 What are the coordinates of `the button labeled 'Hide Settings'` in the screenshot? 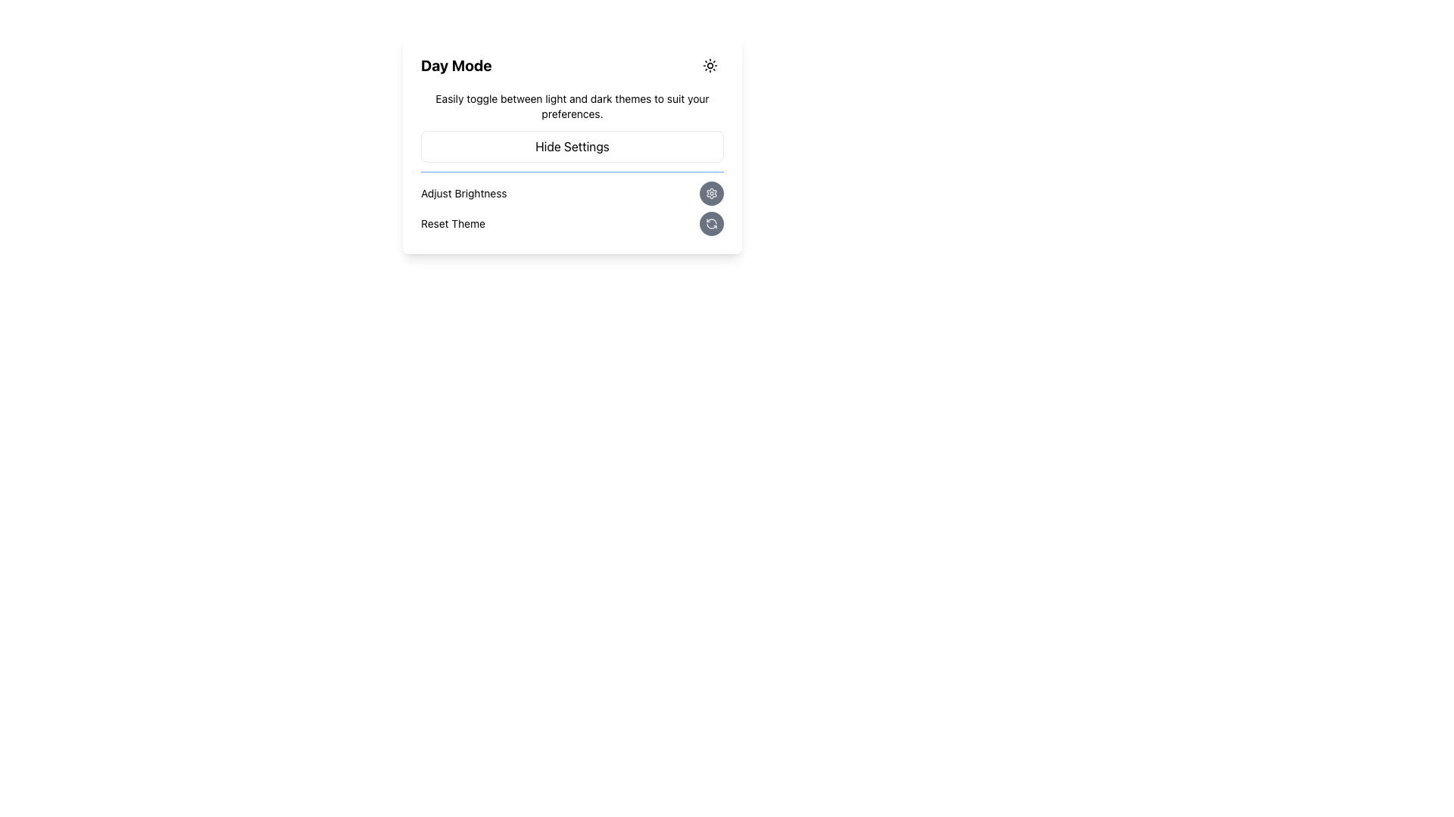 It's located at (571, 146).